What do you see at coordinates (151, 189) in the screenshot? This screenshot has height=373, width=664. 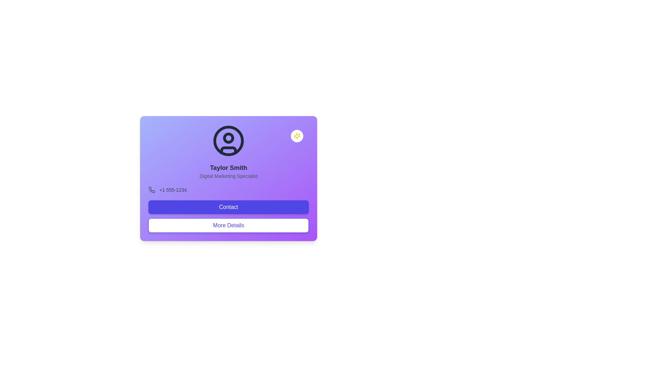 I see `the small phone icon with a curved receiver located to the left of the phone number '+1 555-1234' in the contact card` at bounding box center [151, 189].